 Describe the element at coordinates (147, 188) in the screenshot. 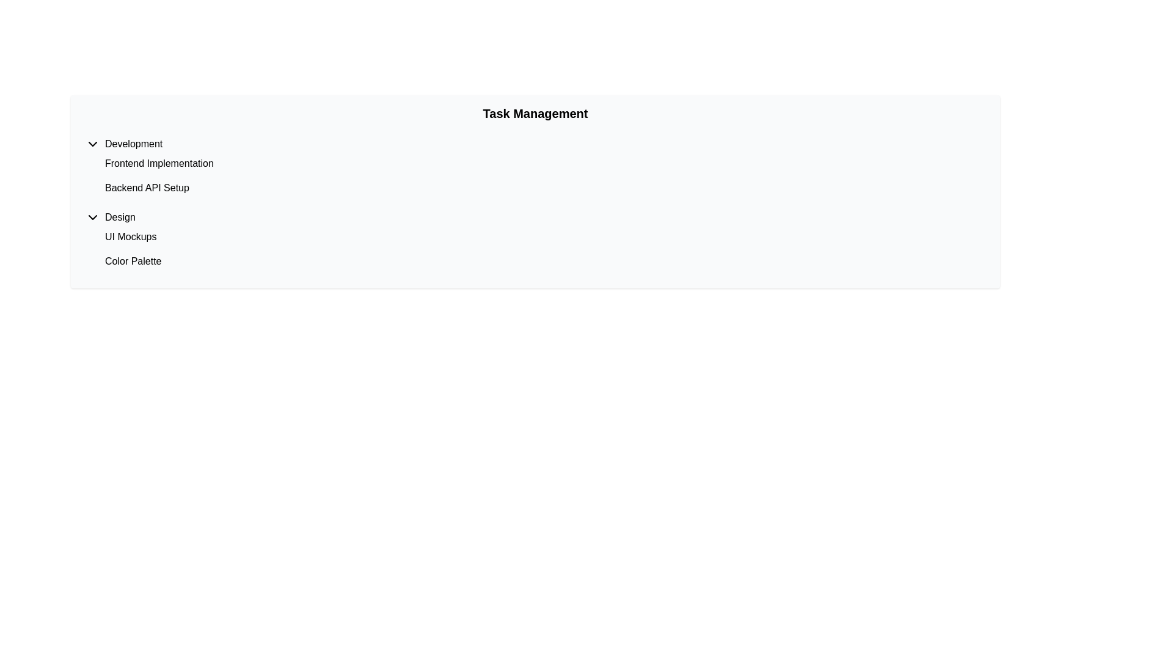

I see `the subheading label in the 'Development' section, which is the second item in the list, providing context under 'Frontend Implementation'` at that location.